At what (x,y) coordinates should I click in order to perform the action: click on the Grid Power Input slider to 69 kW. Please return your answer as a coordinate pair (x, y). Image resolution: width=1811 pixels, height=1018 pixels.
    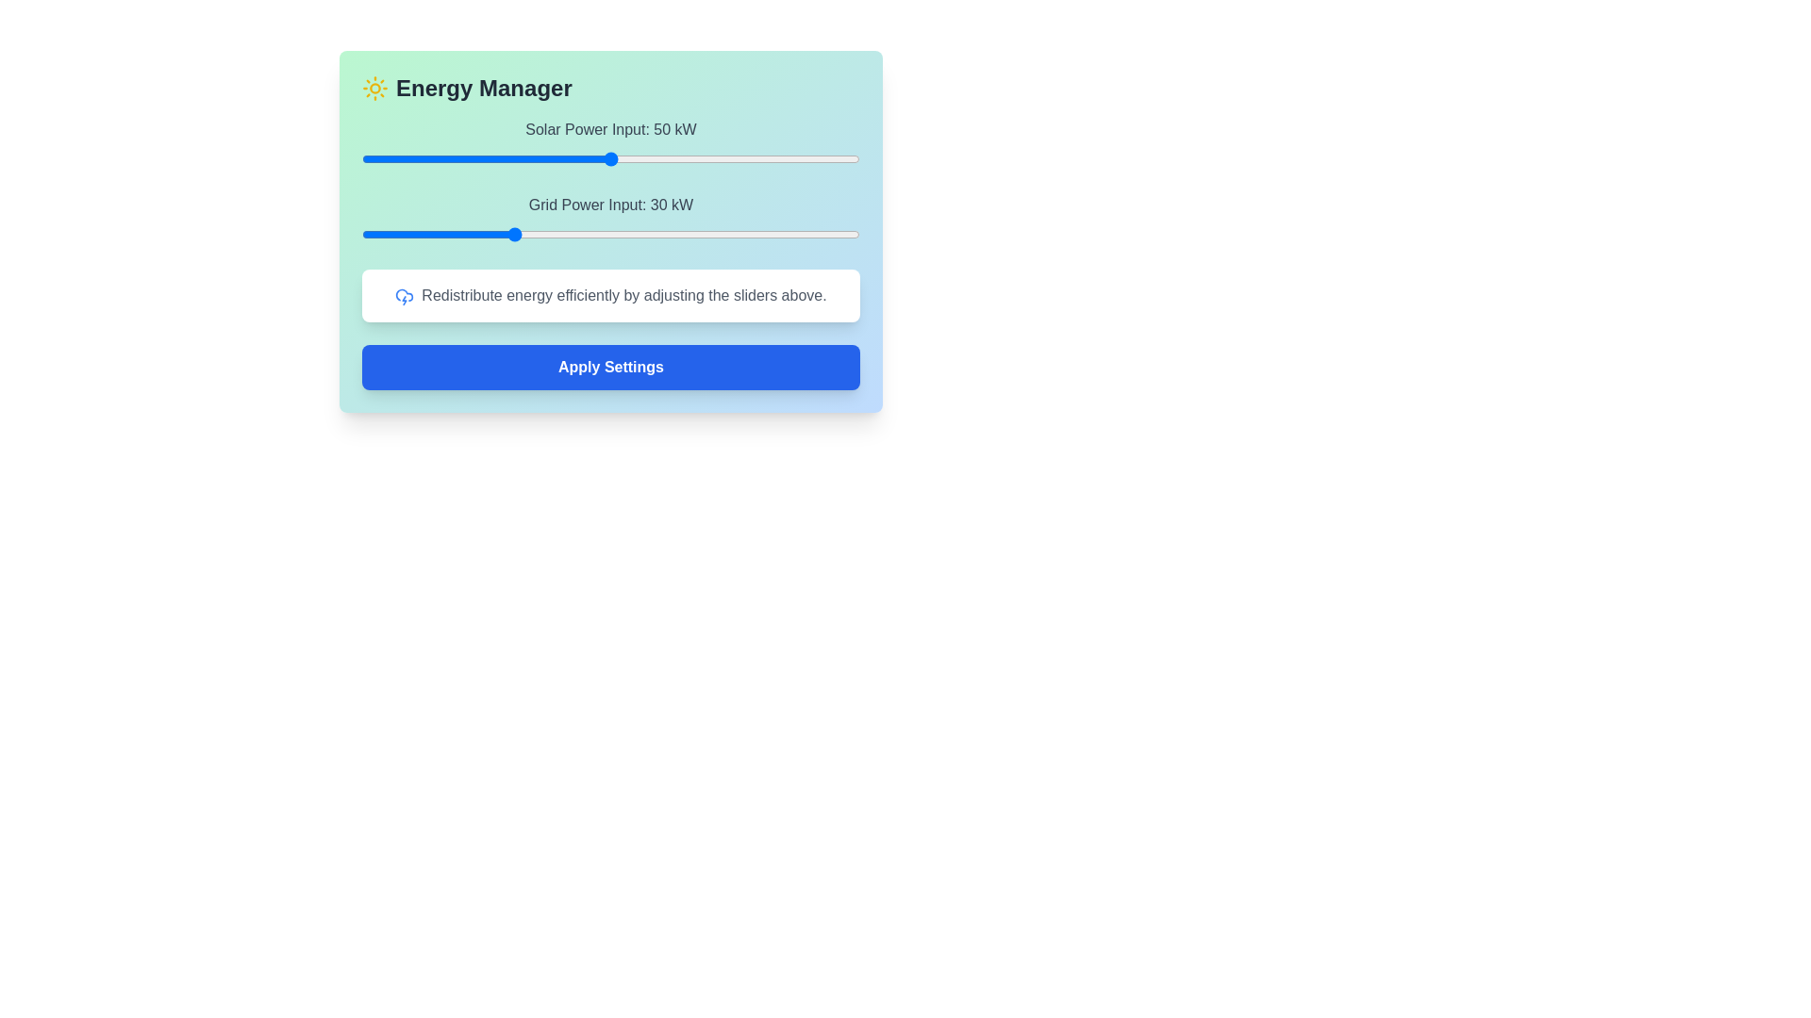
    Looking at the image, I should click on (705, 234).